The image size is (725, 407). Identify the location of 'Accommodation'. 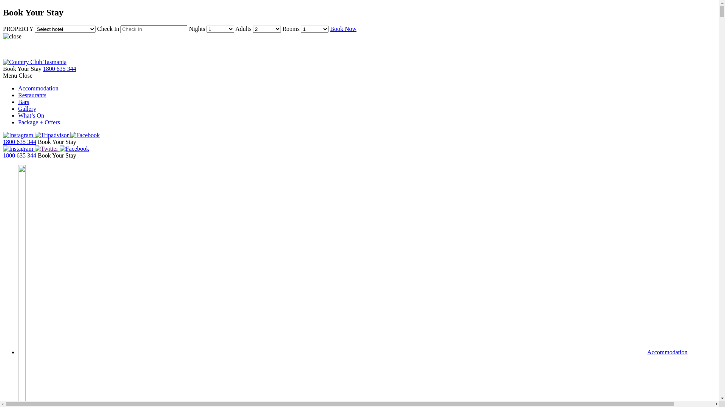
(38, 88).